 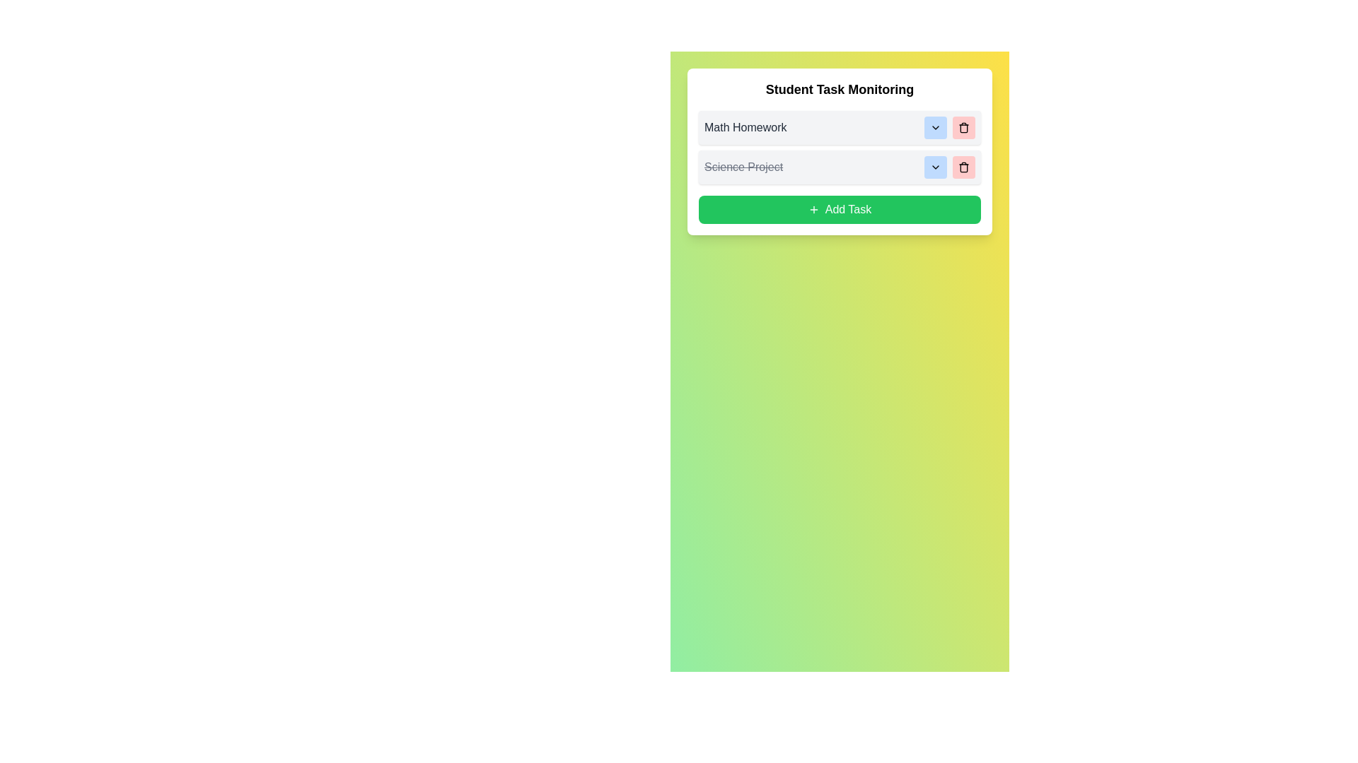 I want to click on the 'Math Homework' text label which is displayed in a darker gray color and is located in the upper portion of the card-like section under the header 'Student Task Monitoring', so click(x=745, y=128).